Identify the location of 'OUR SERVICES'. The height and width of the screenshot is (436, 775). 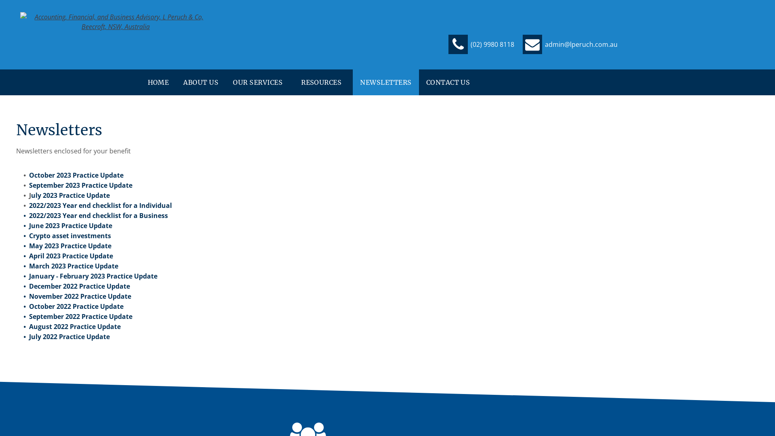
(260, 82).